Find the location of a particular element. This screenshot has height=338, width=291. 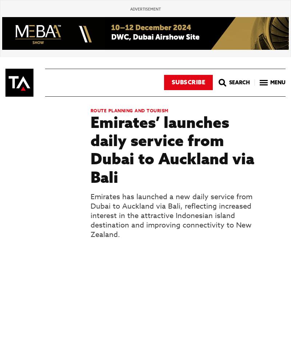

'Rolls-Royce low-emission combustion system in flight test phase' is located at coordinates (115, 150).